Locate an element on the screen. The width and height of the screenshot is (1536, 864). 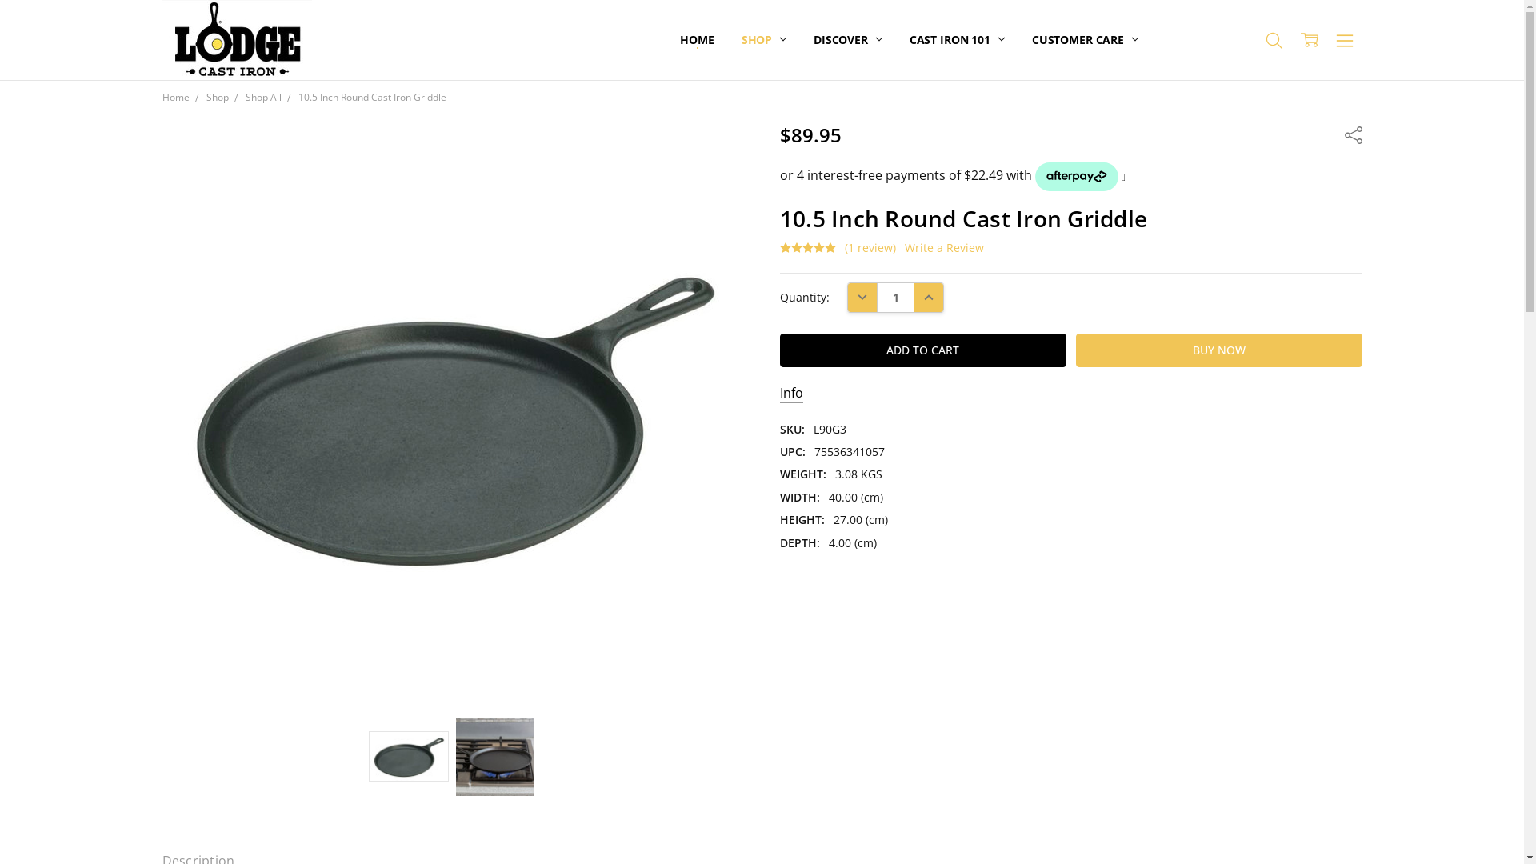
'INCREASE QUANTITY:' is located at coordinates (914, 297).